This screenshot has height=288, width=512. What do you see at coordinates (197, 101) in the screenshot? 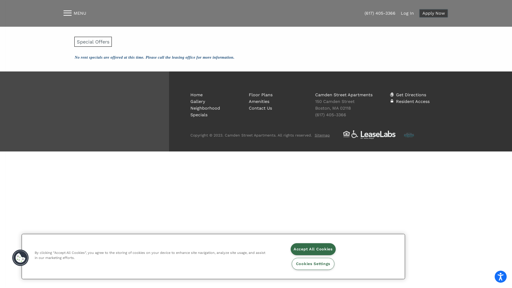
I see `'Gallery'` at bounding box center [197, 101].